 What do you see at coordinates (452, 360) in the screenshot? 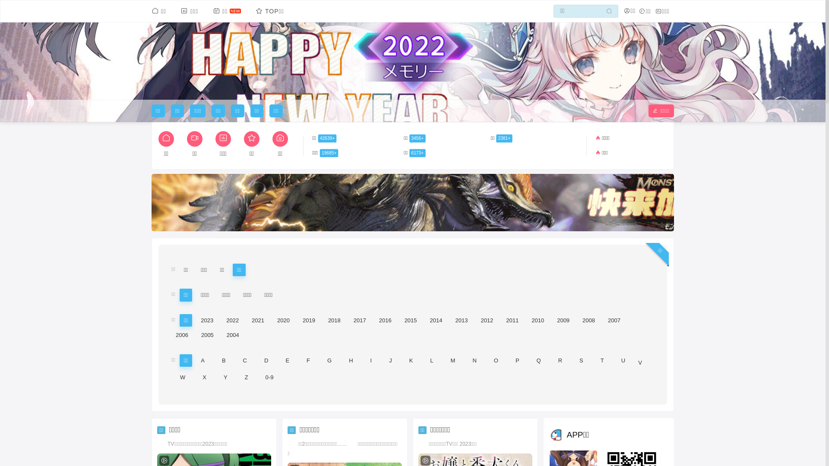
I see `'M'` at bounding box center [452, 360].